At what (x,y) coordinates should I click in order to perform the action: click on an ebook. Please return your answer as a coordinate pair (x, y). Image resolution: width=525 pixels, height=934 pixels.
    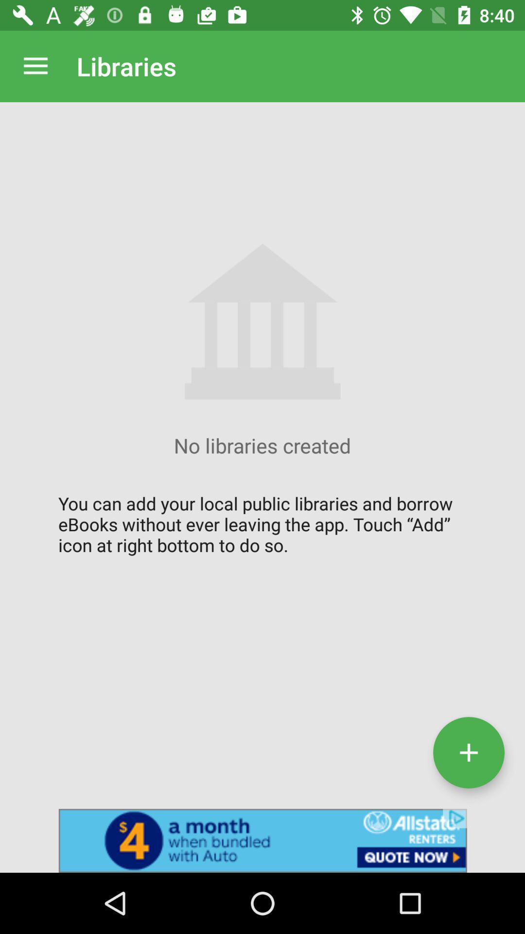
    Looking at the image, I should click on (468, 752).